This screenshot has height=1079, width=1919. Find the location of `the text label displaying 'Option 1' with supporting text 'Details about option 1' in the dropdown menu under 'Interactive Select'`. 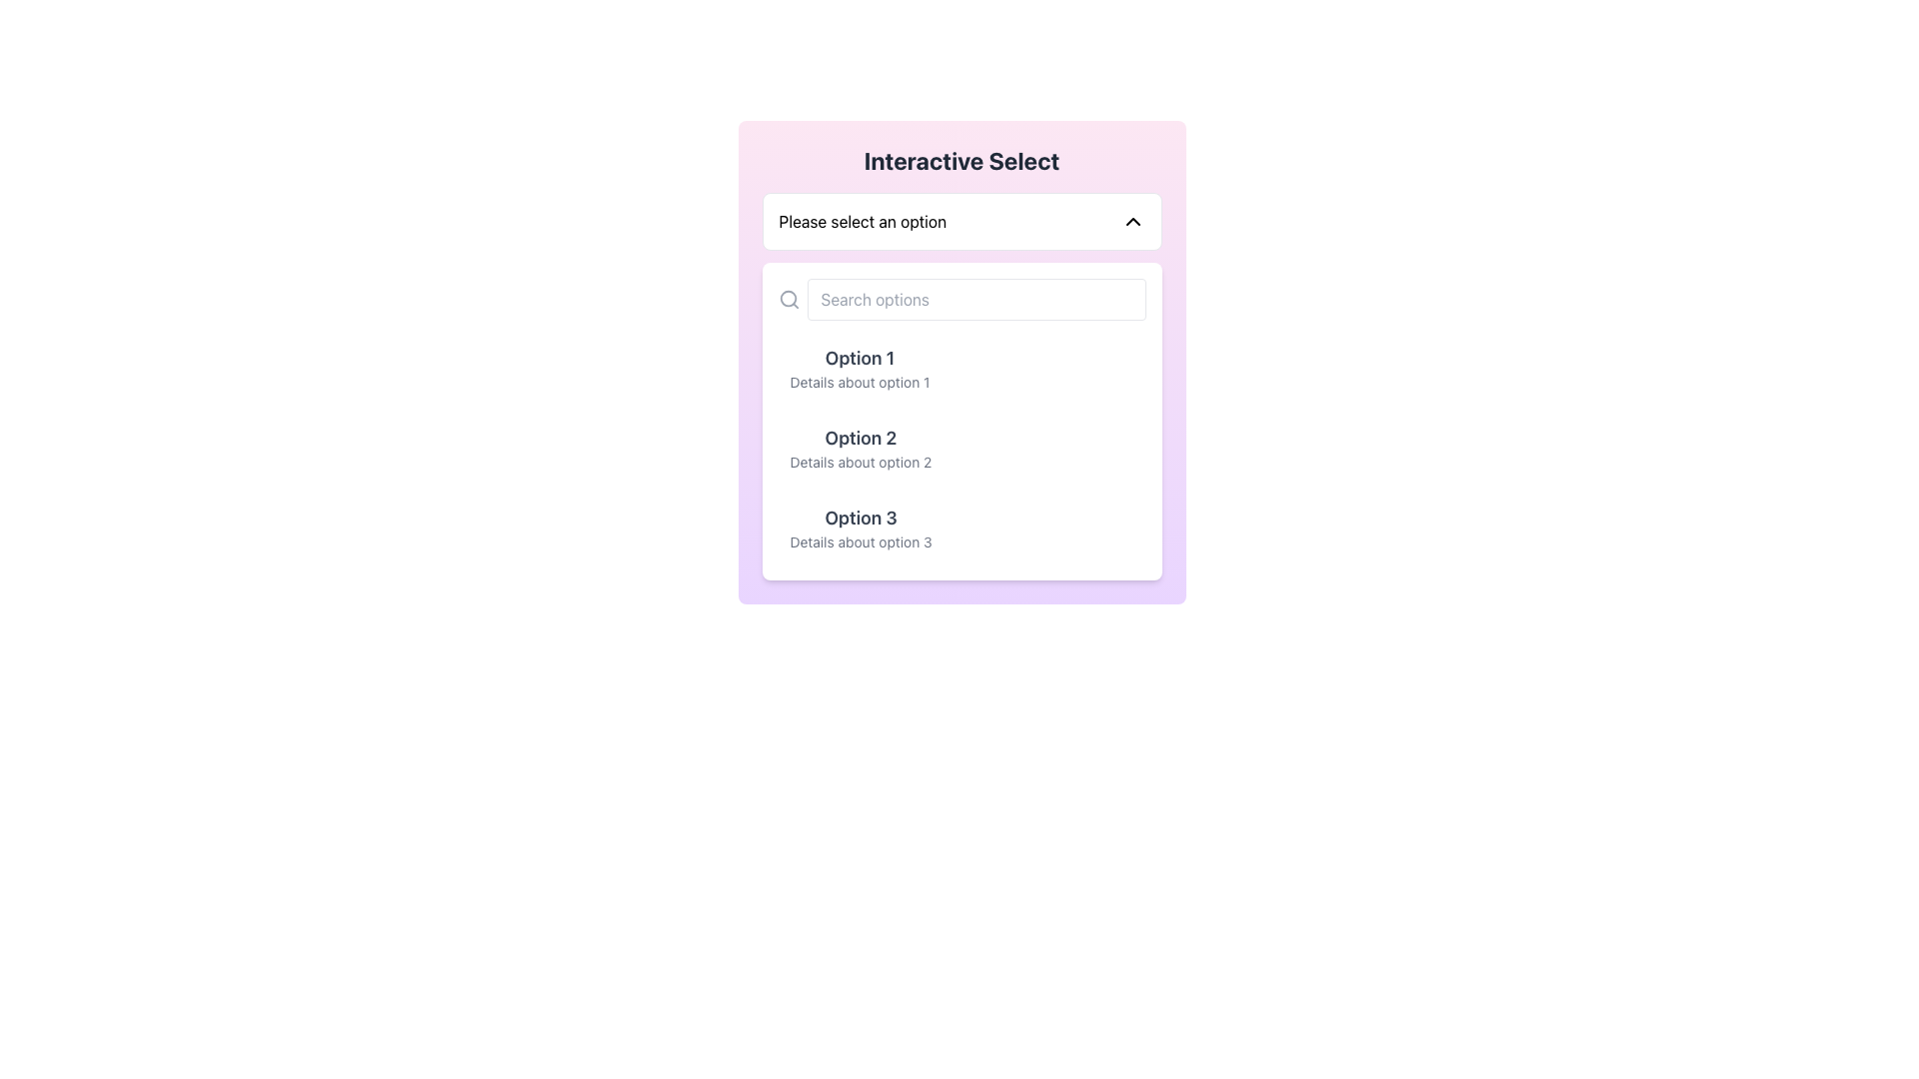

the text label displaying 'Option 1' with supporting text 'Details about option 1' in the dropdown menu under 'Interactive Select' is located at coordinates (860, 369).